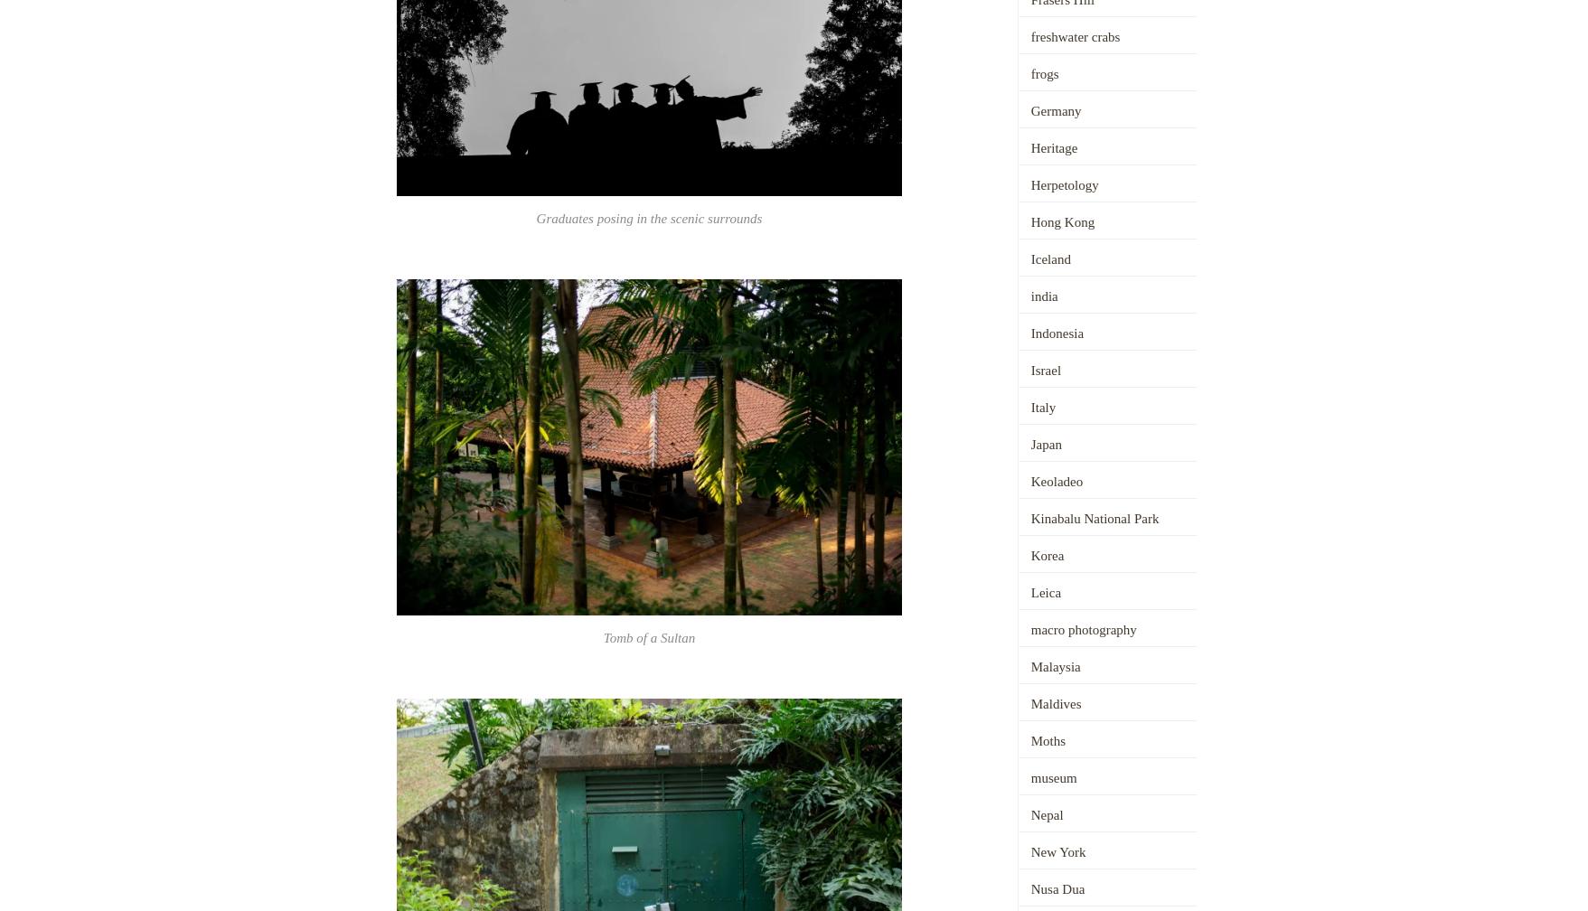 The height and width of the screenshot is (911, 1588). Describe the element at coordinates (1055, 110) in the screenshot. I see `'Germany'` at that location.